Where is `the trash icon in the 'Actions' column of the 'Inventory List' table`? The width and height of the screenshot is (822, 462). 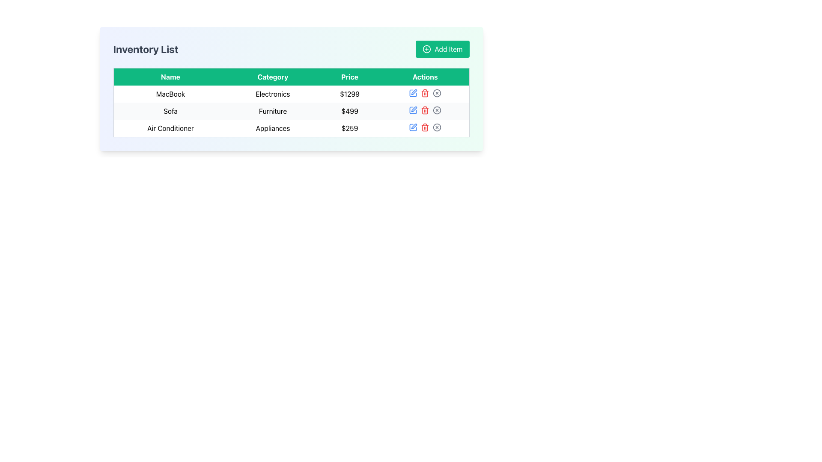
the trash icon in the 'Actions' column of the 'Inventory List' table is located at coordinates (425, 93).